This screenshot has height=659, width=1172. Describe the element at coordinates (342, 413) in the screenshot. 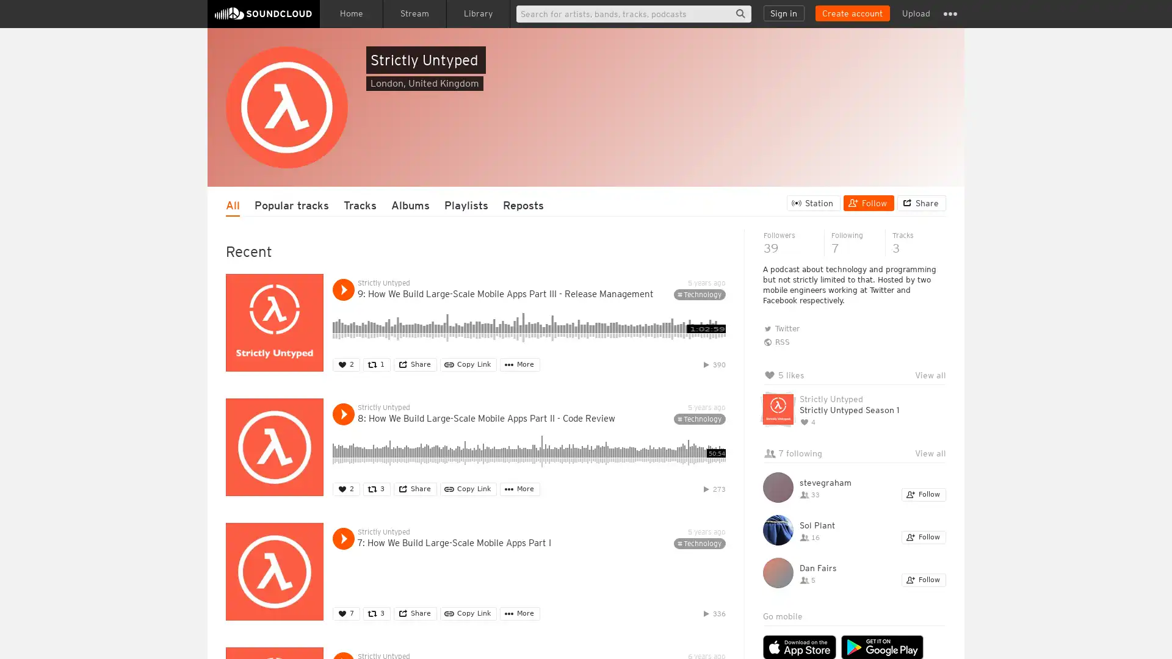

I see `Play` at that location.